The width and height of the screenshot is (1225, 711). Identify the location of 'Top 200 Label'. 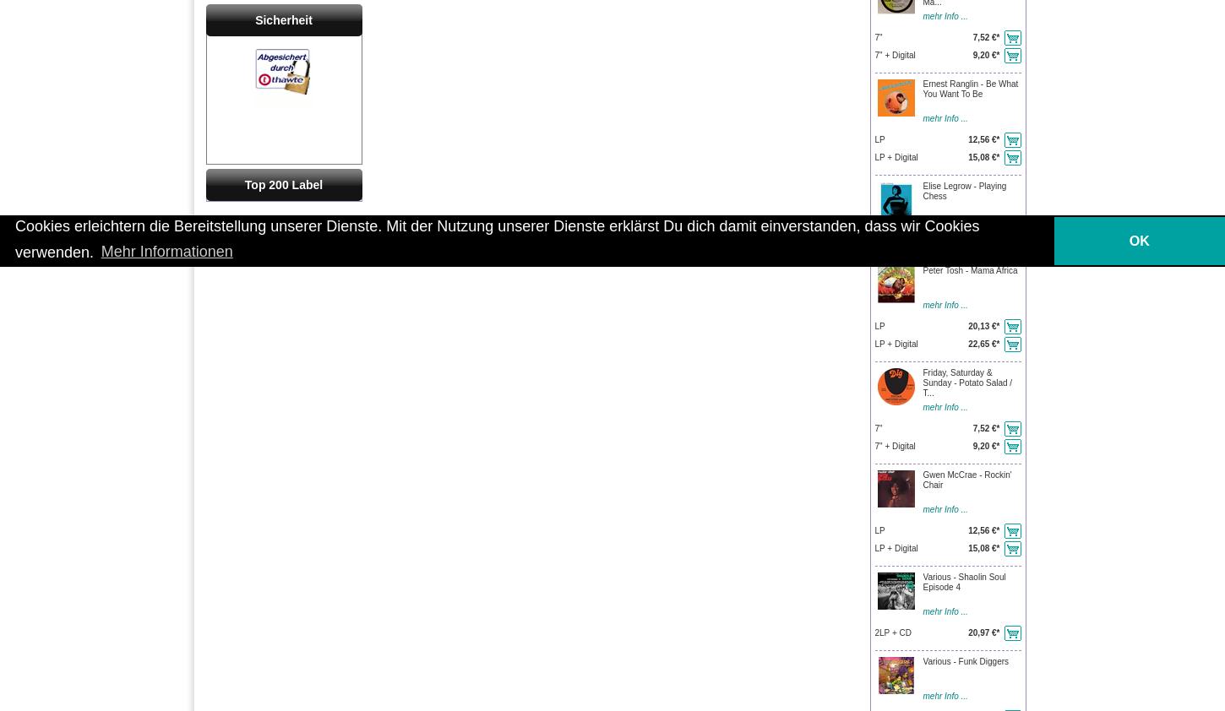
(283, 185).